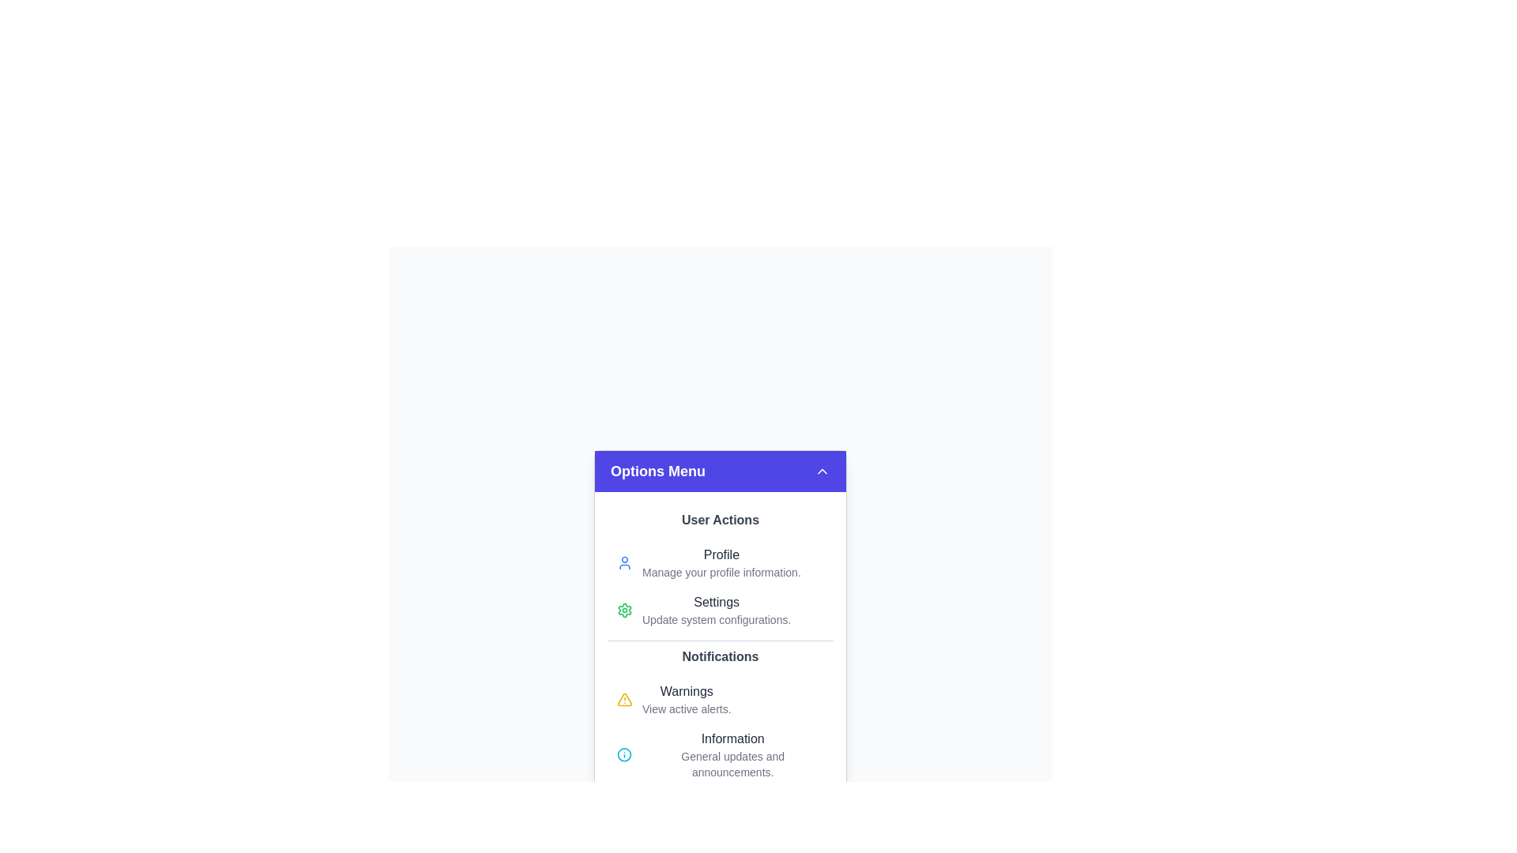 The width and height of the screenshot is (1517, 853). What do you see at coordinates (720, 573) in the screenshot?
I see `one of the items within the Grouped menu items or category section located at the top of the menu structure below the header` at bounding box center [720, 573].